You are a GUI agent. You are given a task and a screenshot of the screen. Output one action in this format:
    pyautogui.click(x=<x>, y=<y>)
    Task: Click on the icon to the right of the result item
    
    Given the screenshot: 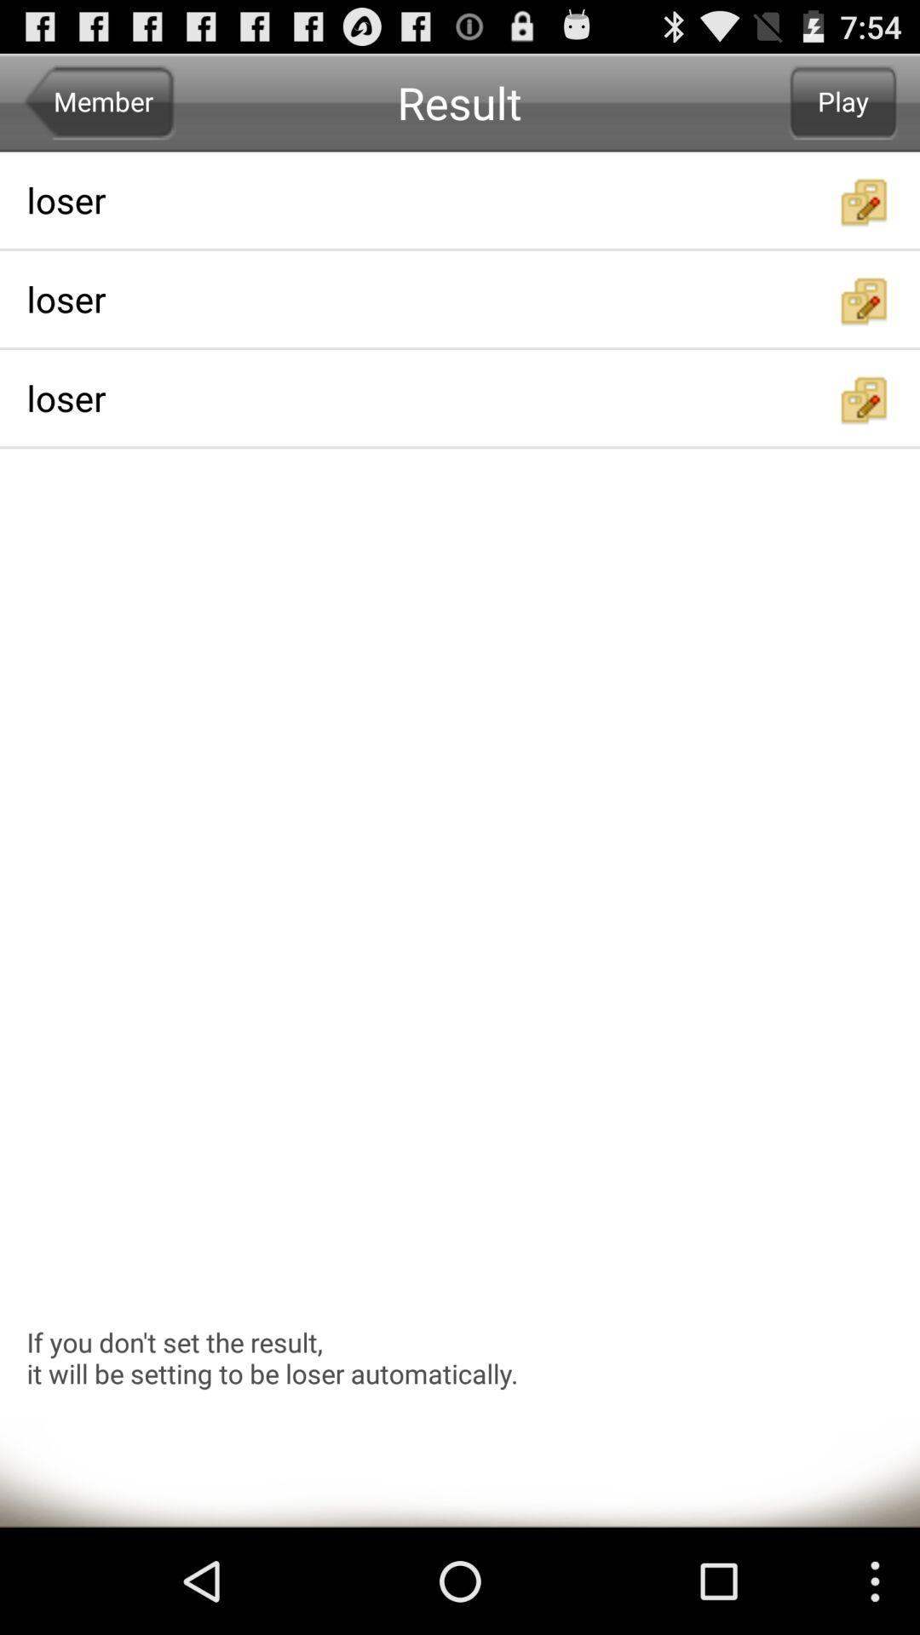 What is the action you would take?
    pyautogui.click(x=843, y=101)
    